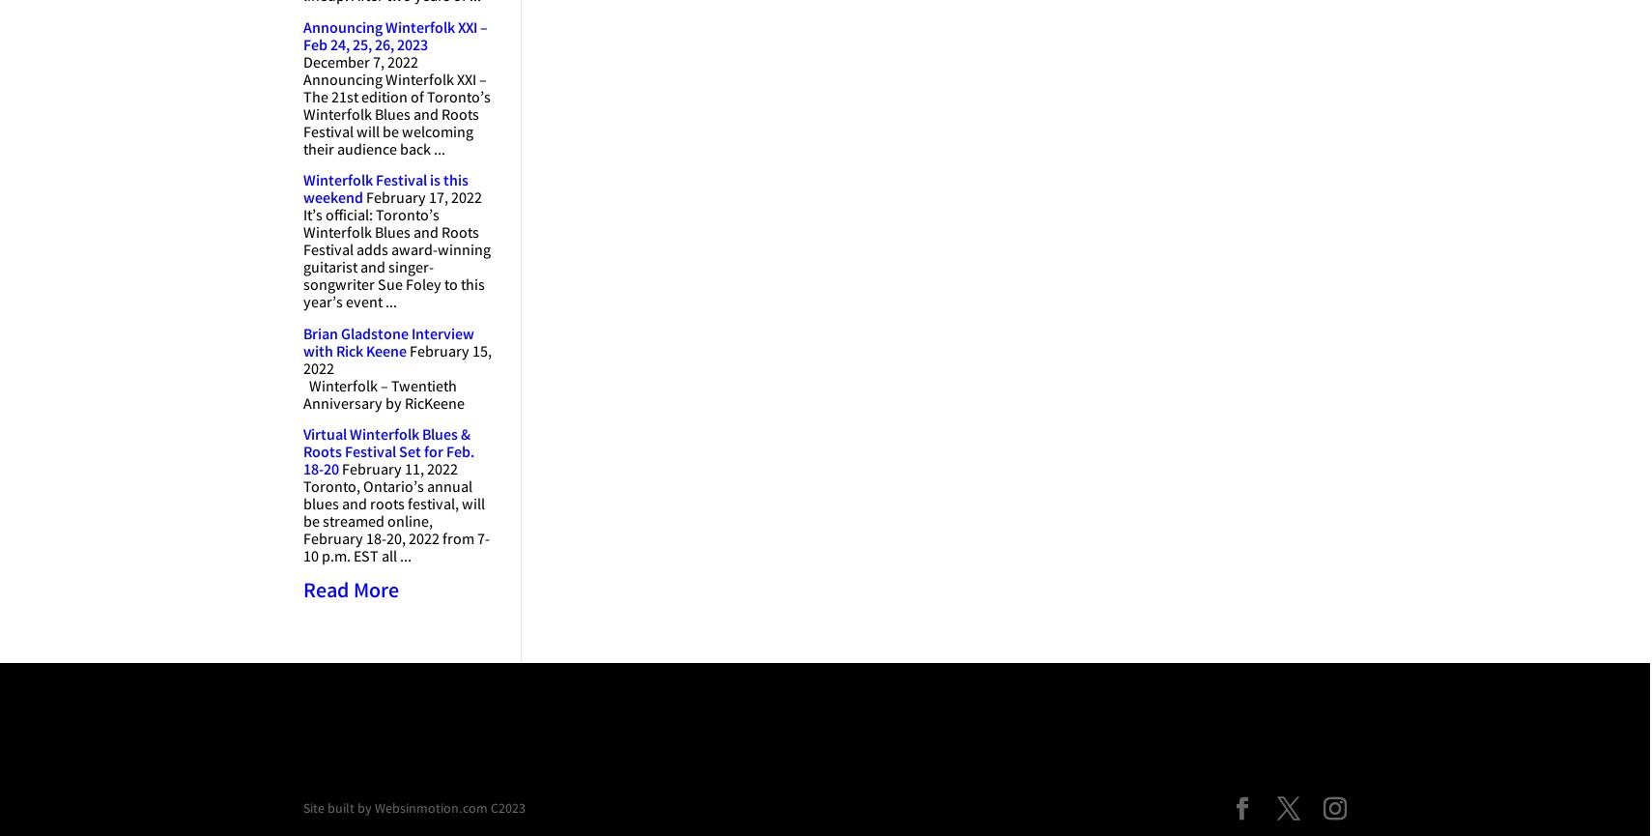  What do you see at coordinates (387, 343) in the screenshot?
I see `'Brian Gladstone Interview with Rick Keene'` at bounding box center [387, 343].